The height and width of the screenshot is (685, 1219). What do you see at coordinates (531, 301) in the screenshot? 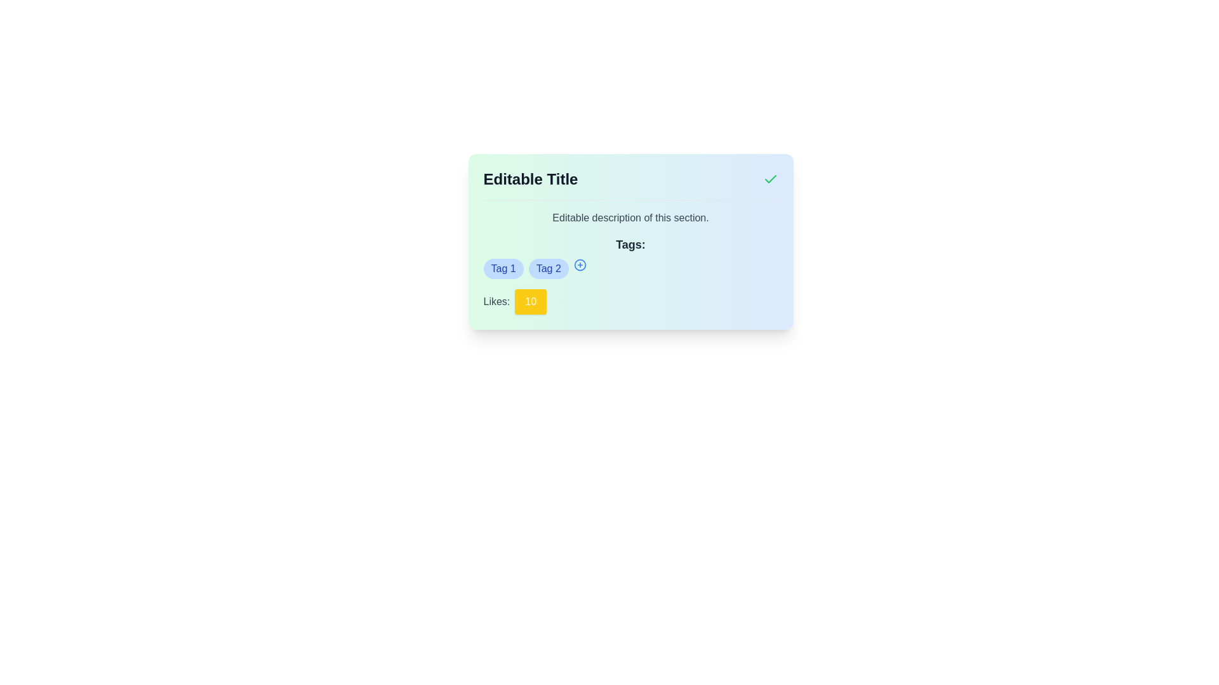
I see `the yellow rectangular button displaying the number '10', located to the right of the 'Likes:' label` at bounding box center [531, 301].